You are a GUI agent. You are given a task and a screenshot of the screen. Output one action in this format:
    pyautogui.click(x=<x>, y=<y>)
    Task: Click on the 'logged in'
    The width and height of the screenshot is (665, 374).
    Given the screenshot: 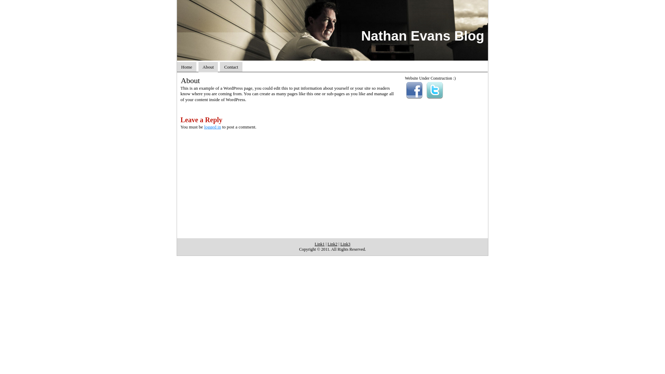 What is the action you would take?
    pyautogui.click(x=204, y=127)
    